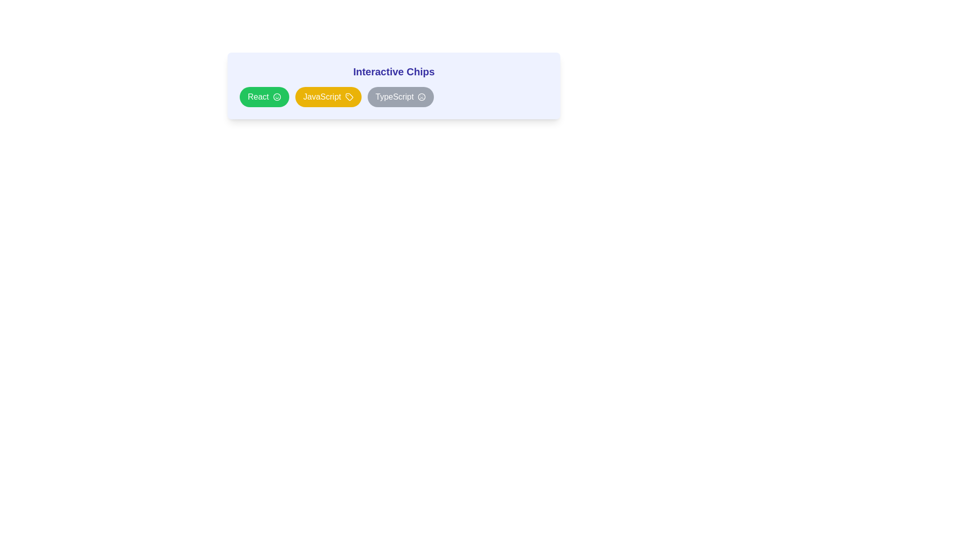 The image size is (971, 546). I want to click on the title text label that describes the 'Interactive Chips' feature, which is centrally aligned above the interactive chip elements, so click(393, 71).